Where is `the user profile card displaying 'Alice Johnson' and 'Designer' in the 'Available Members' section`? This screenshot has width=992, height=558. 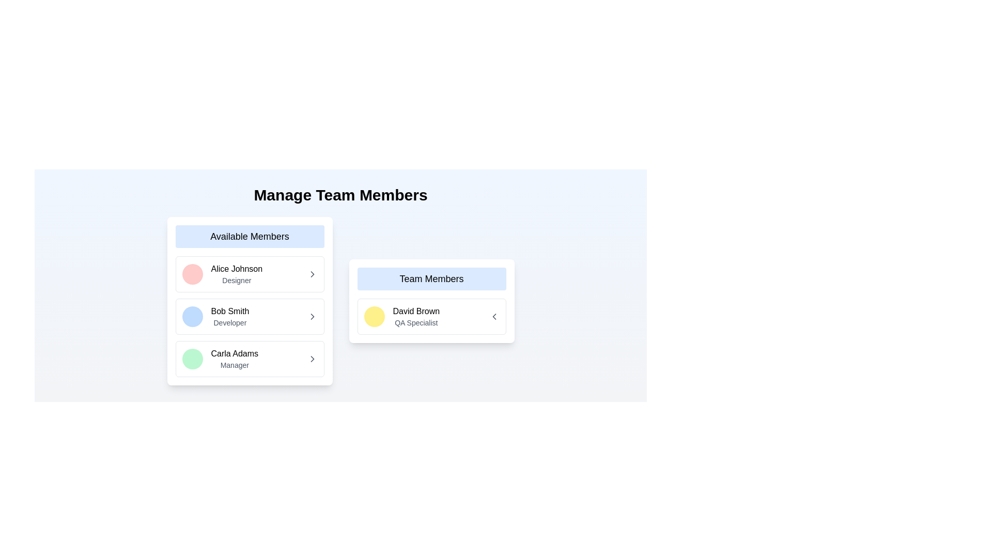 the user profile card displaying 'Alice Johnson' and 'Designer' in the 'Available Members' section is located at coordinates (222, 274).